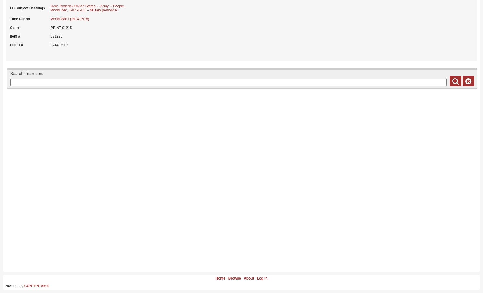 The width and height of the screenshot is (483, 293). Describe the element at coordinates (50, 6) in the screenshot. I see `'Dew, Roderick.United States. -- Army -- People.'` at that location.